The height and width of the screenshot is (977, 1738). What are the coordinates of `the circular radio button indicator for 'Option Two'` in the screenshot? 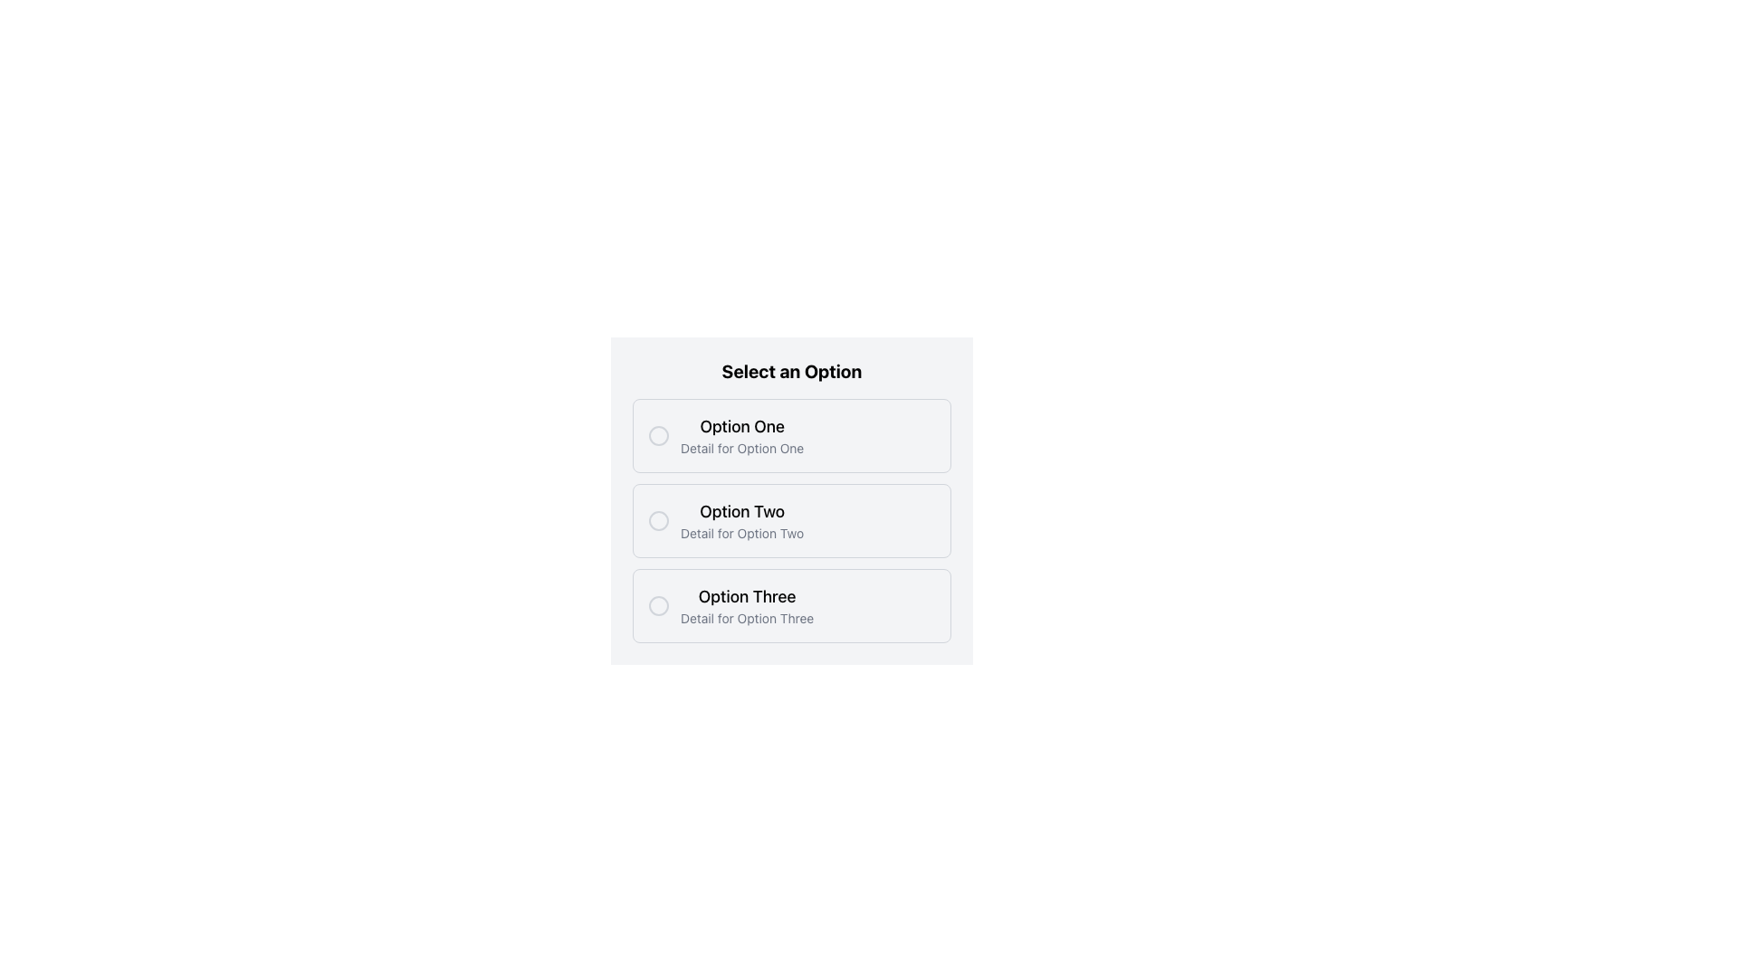 It's located at (658, 520).